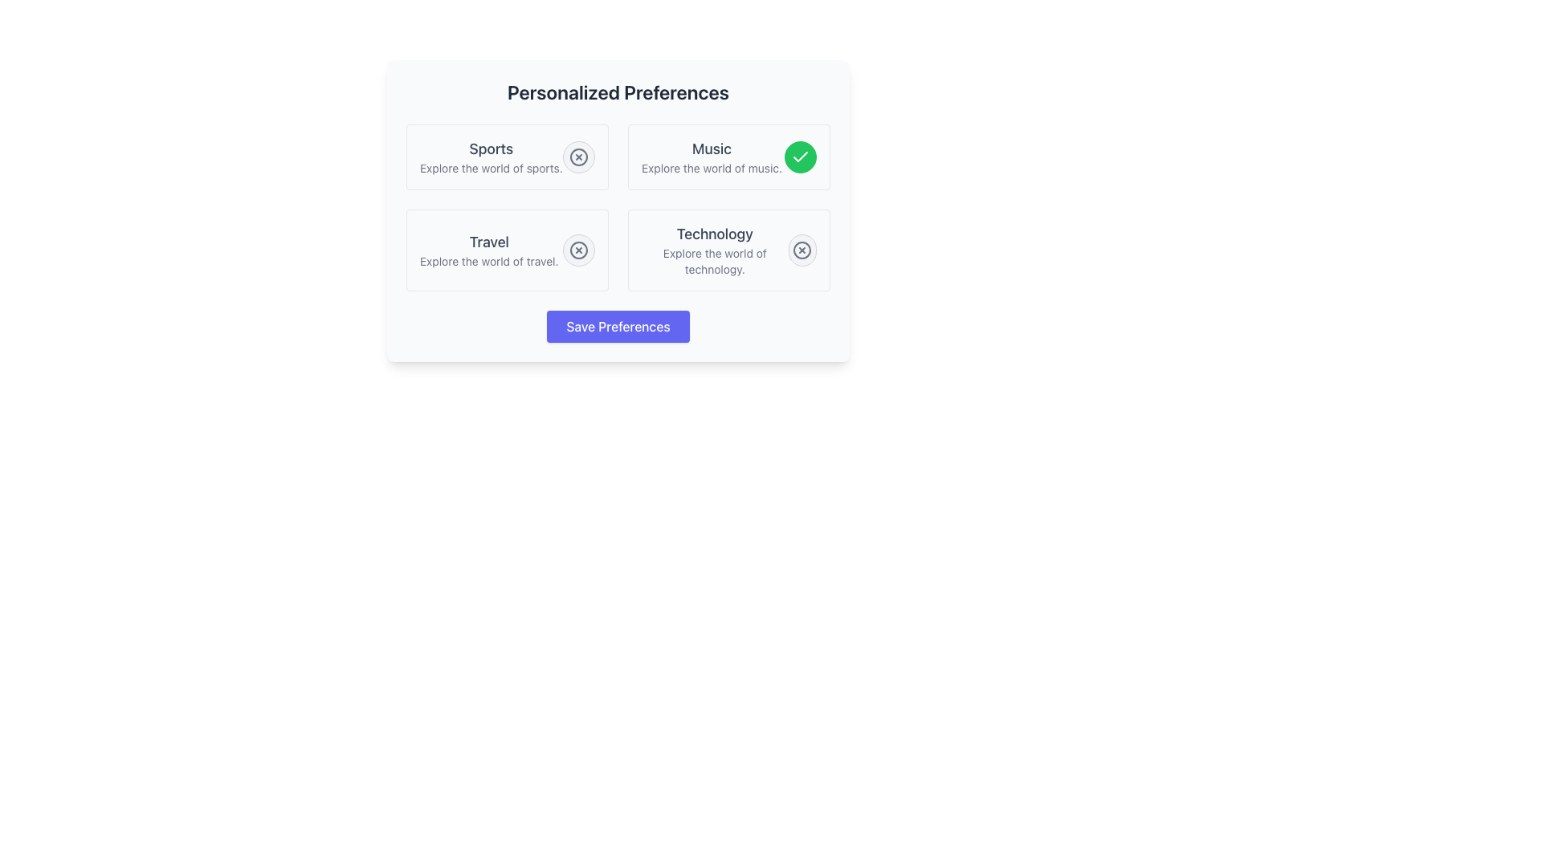  I want to click on the text element that reads 'Explore the world of technology.' located beneath the 'Technology' heading in the bottom-right corner of the interface, so click(714, 261).